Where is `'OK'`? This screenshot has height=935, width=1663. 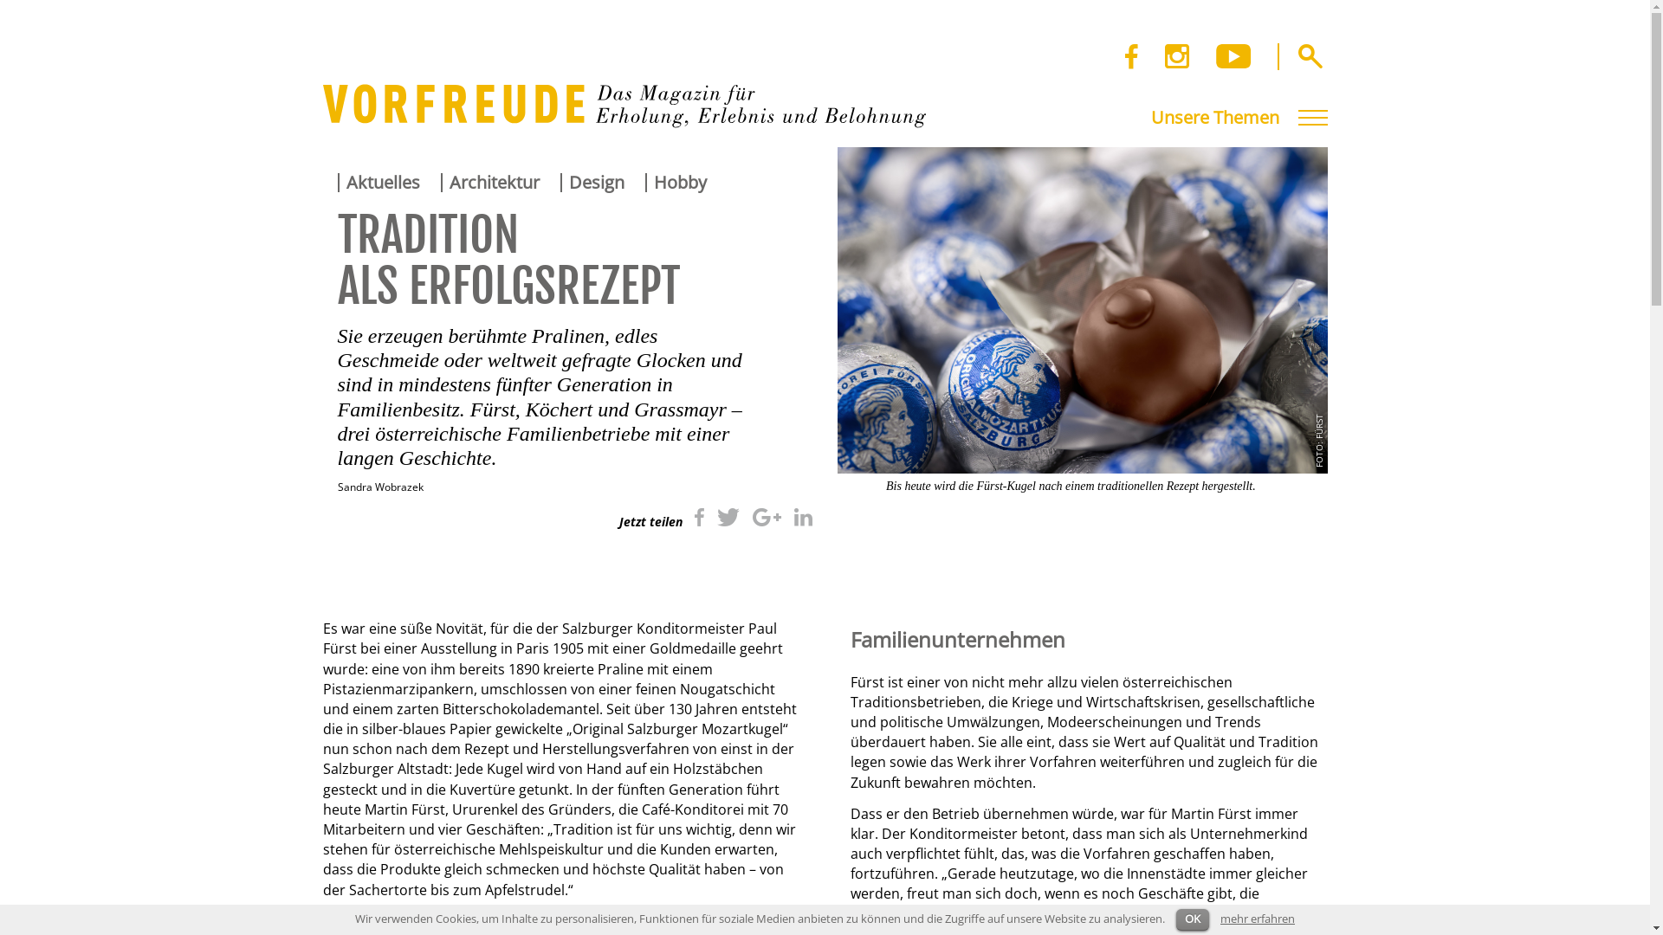
'OK' is located at coordinates (1176, 919).